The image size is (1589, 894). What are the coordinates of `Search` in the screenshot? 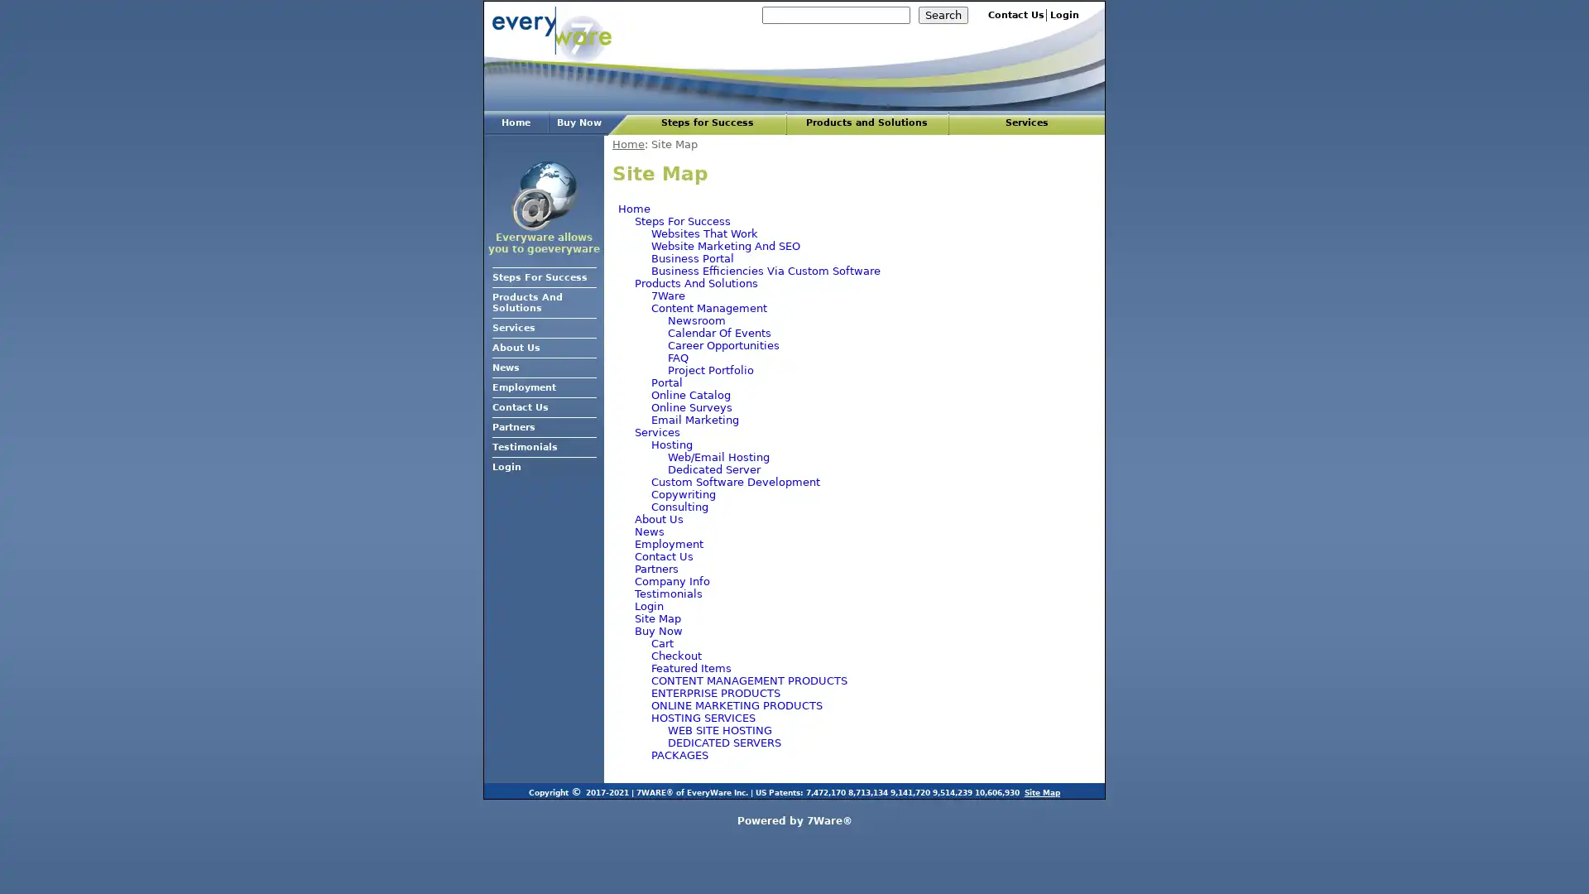 It's located at (943, 15).